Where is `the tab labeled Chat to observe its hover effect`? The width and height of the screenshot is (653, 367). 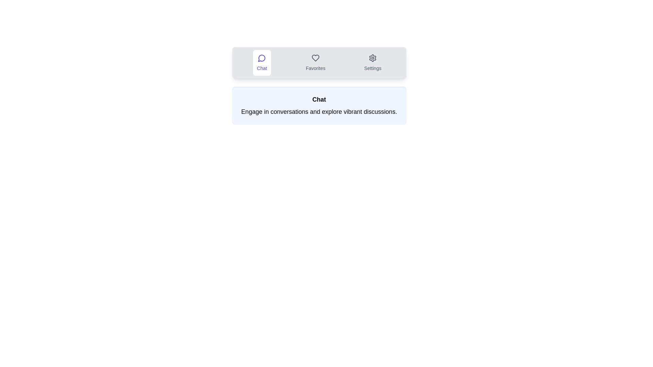 the tab labeled Chat to observe its hover effect is located at coordinates (262, 63).